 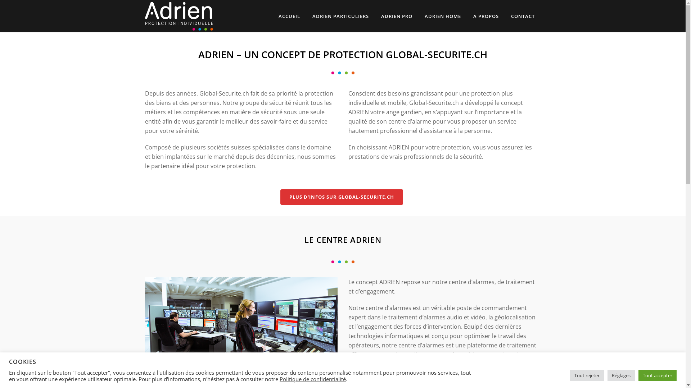 I want to click on 'ADRIEN PRO', so click(x=396, y=16).